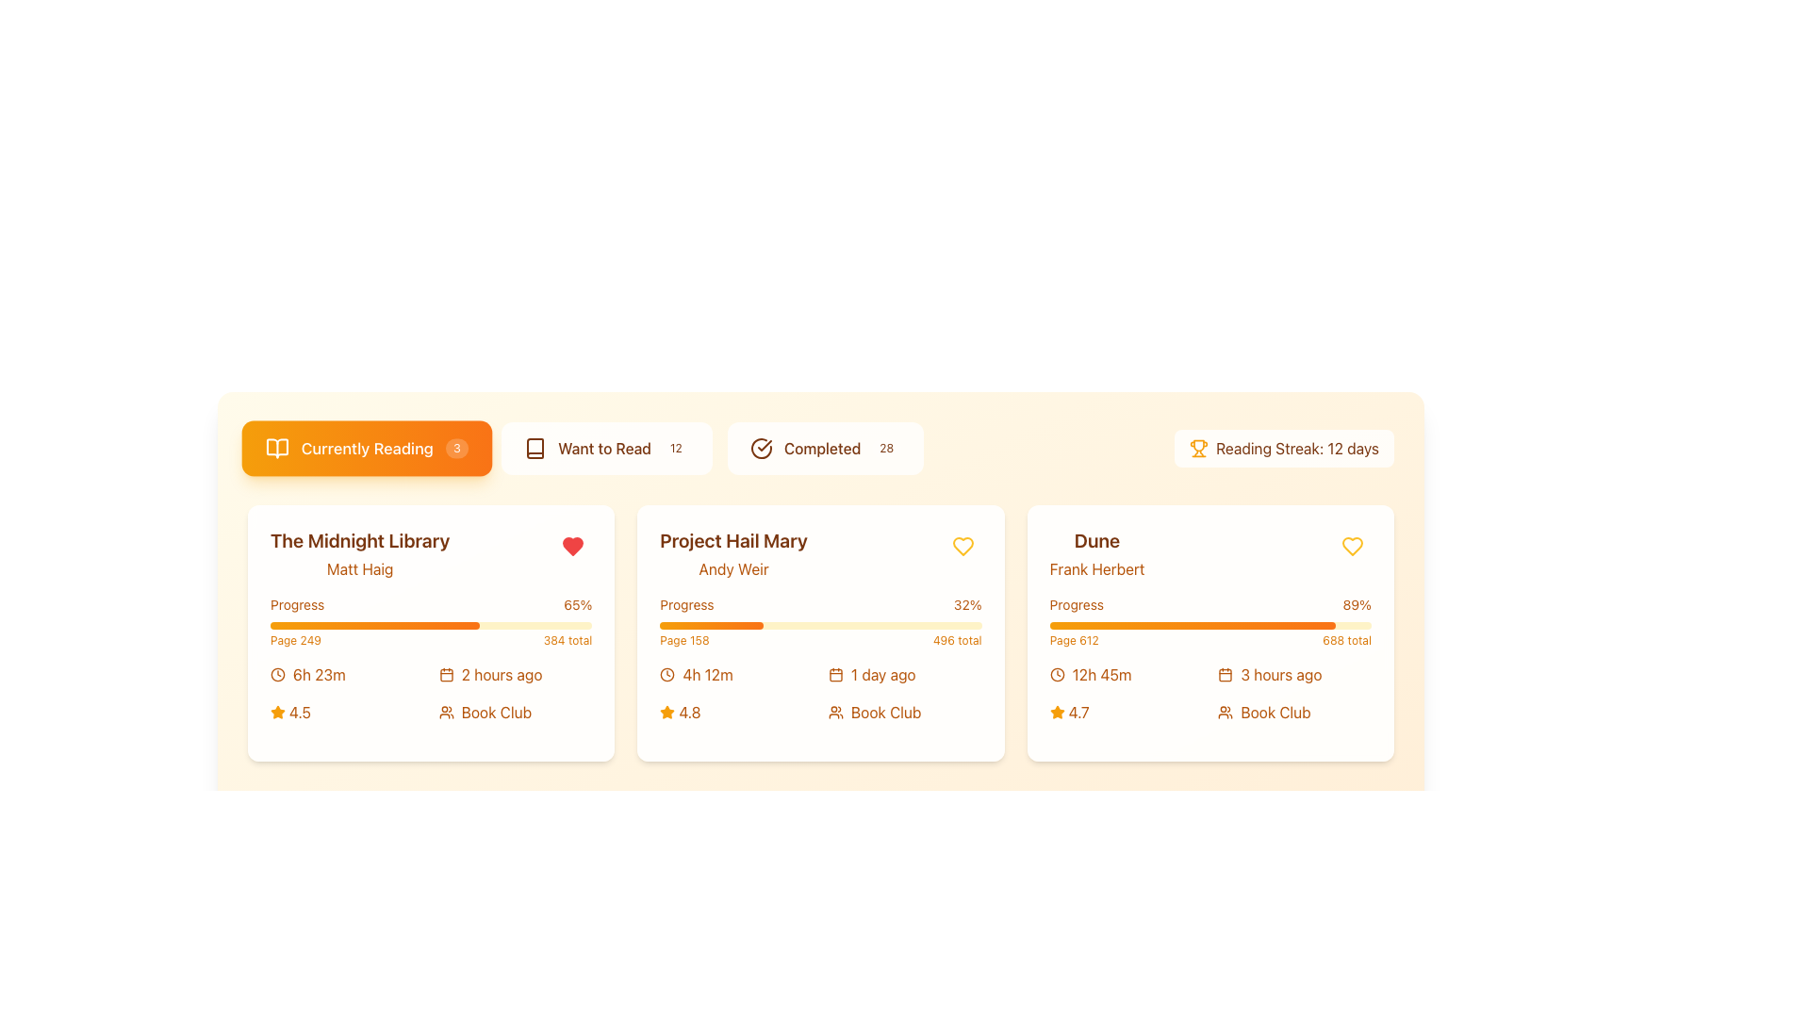 This screenshot has width=1810, height=1018. What do you see at coordinates (905, 674) in the screenshot?
I see `the label with a calendar icon that displays '1 day ago', located under the 'Project Hail Mary' heading in the right-hand card of the second row` at bounding box center [905, 674].